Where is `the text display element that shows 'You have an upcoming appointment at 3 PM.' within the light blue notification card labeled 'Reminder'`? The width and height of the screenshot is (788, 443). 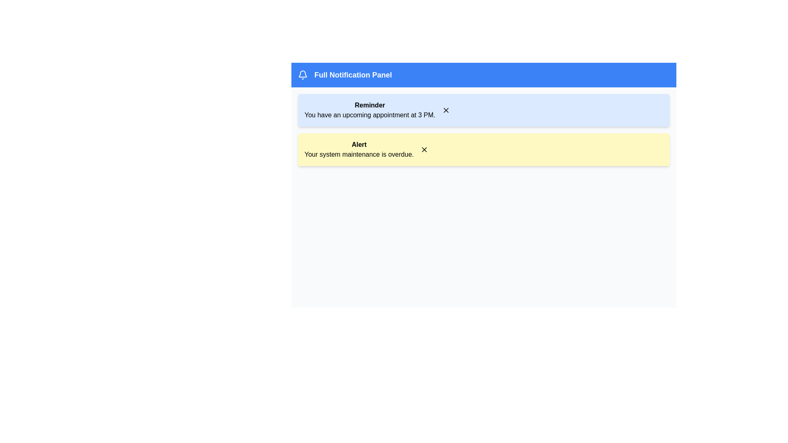
the text display element that shows 'You have an upcoming appointment at 3 PM.' within the light blue notification card labeled 'Reminder' is located at coordinates (369, 115).